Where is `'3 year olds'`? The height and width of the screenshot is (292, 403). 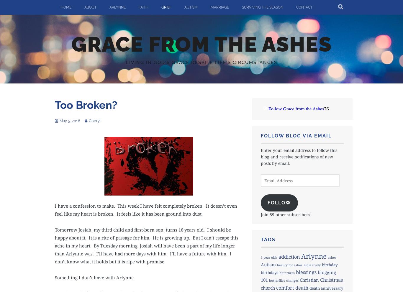 '3 year olds' is located at coordinates (268, 257).